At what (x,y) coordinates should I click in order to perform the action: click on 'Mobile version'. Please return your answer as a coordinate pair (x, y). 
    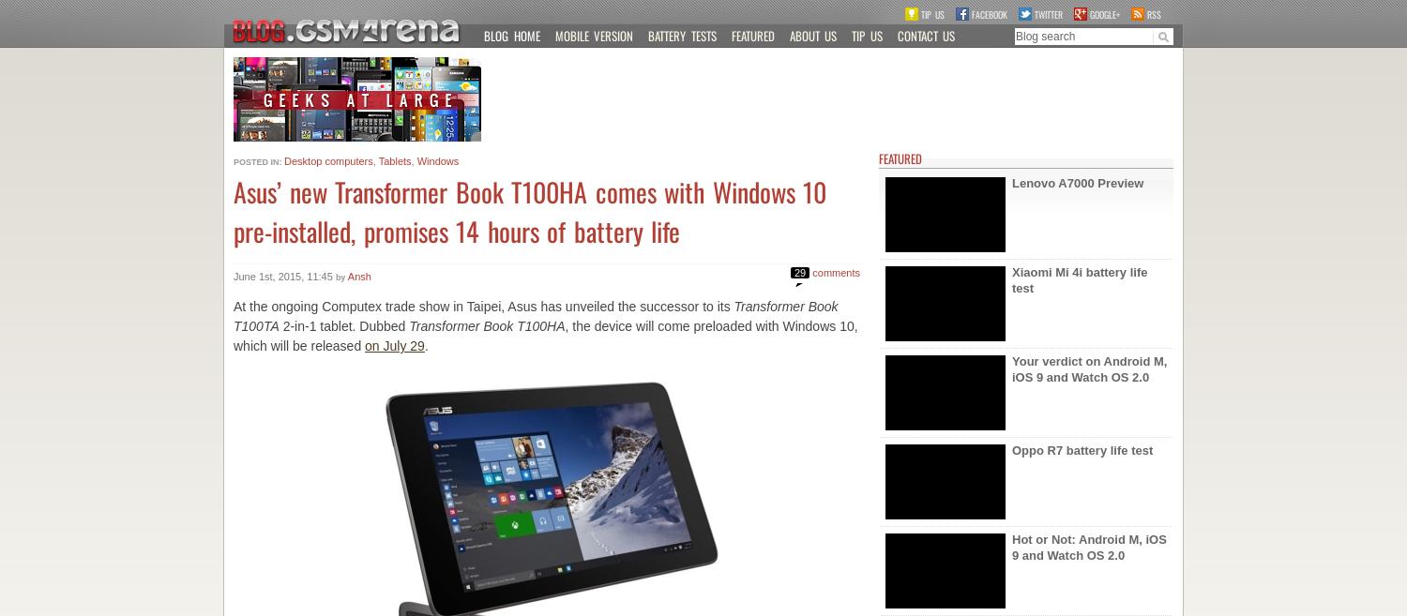
    Looking at the image, I should click on (553, 35).